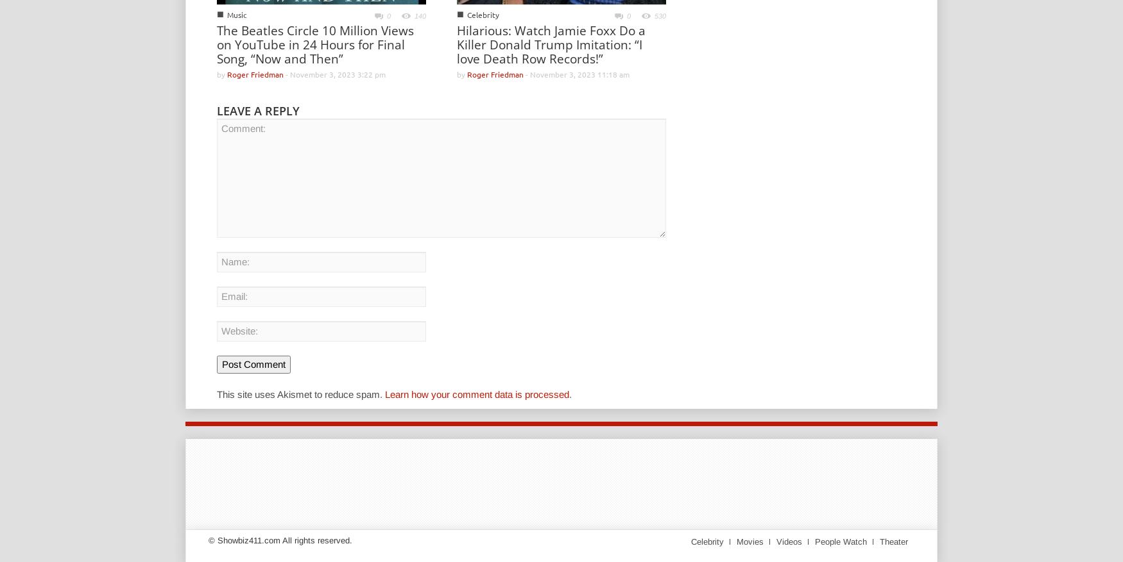 Image resolution: width=1123 pixels, height=562 pixels. What do you see at coordinates (658, 15) in the screenshot?
I see `'530'` at bounding box center [658, 15].